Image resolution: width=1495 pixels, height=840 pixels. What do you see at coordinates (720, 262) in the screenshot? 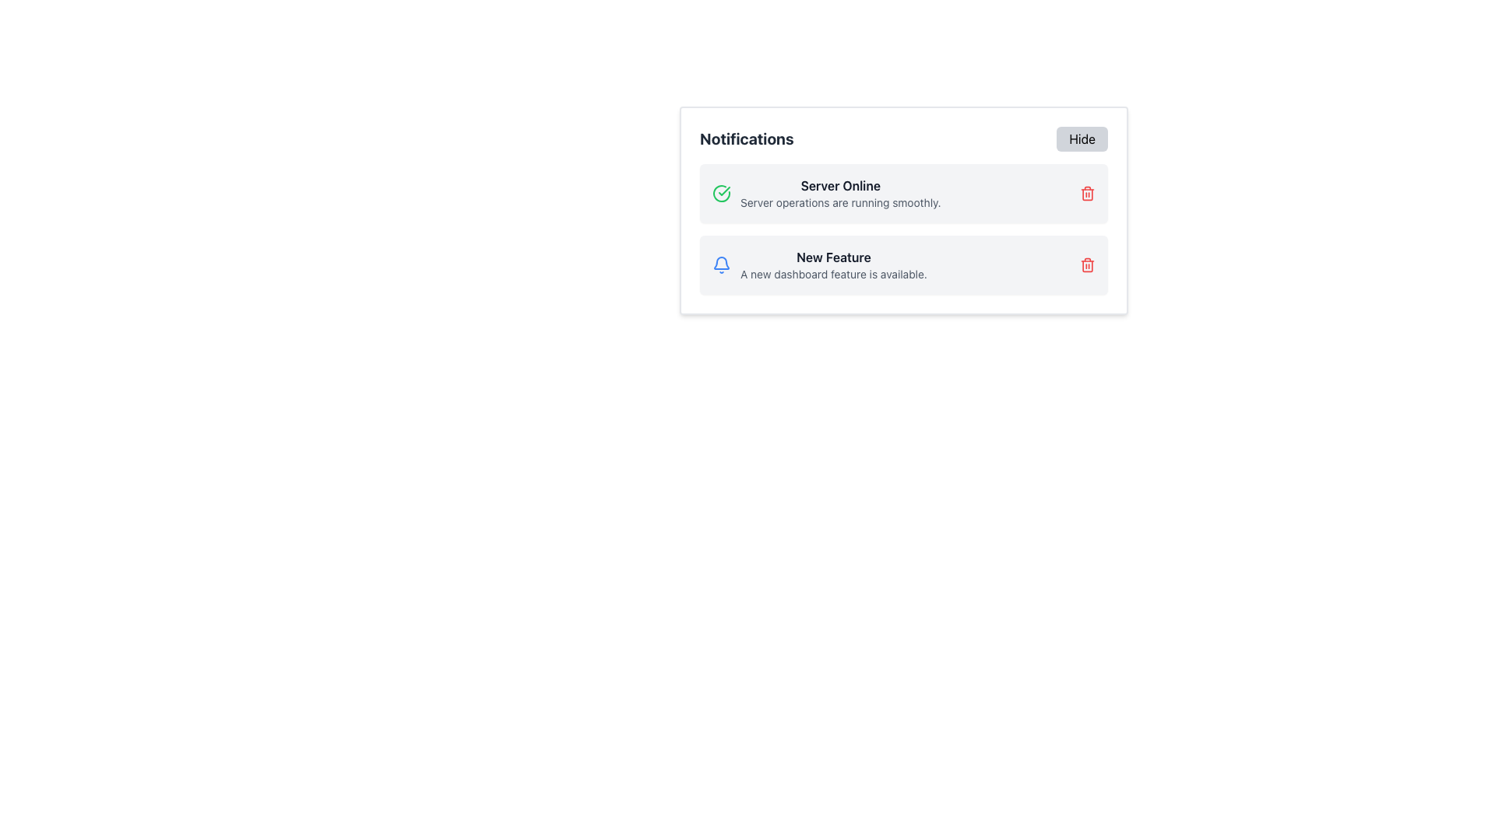
I see `the main body of the bell icon, which is a part of the notification bell located in the top-right corner of the Notifications card` at bounding box center [720, 262].